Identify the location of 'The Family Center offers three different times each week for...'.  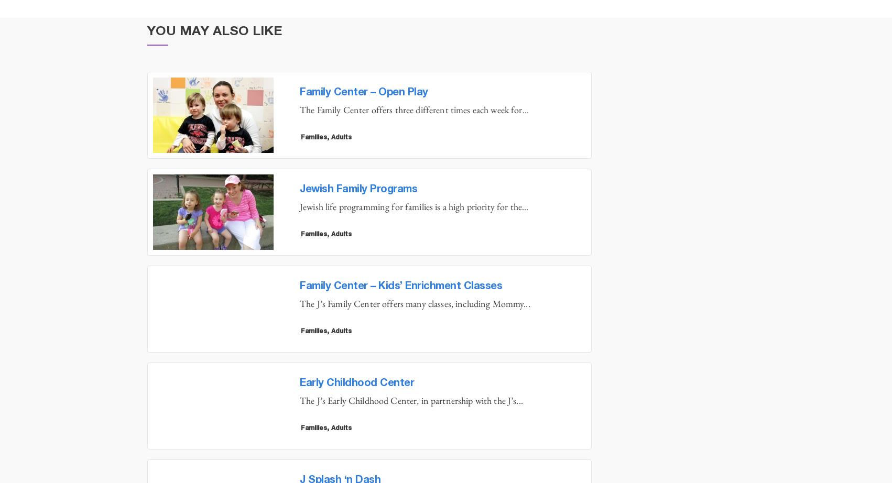
(414, 109).